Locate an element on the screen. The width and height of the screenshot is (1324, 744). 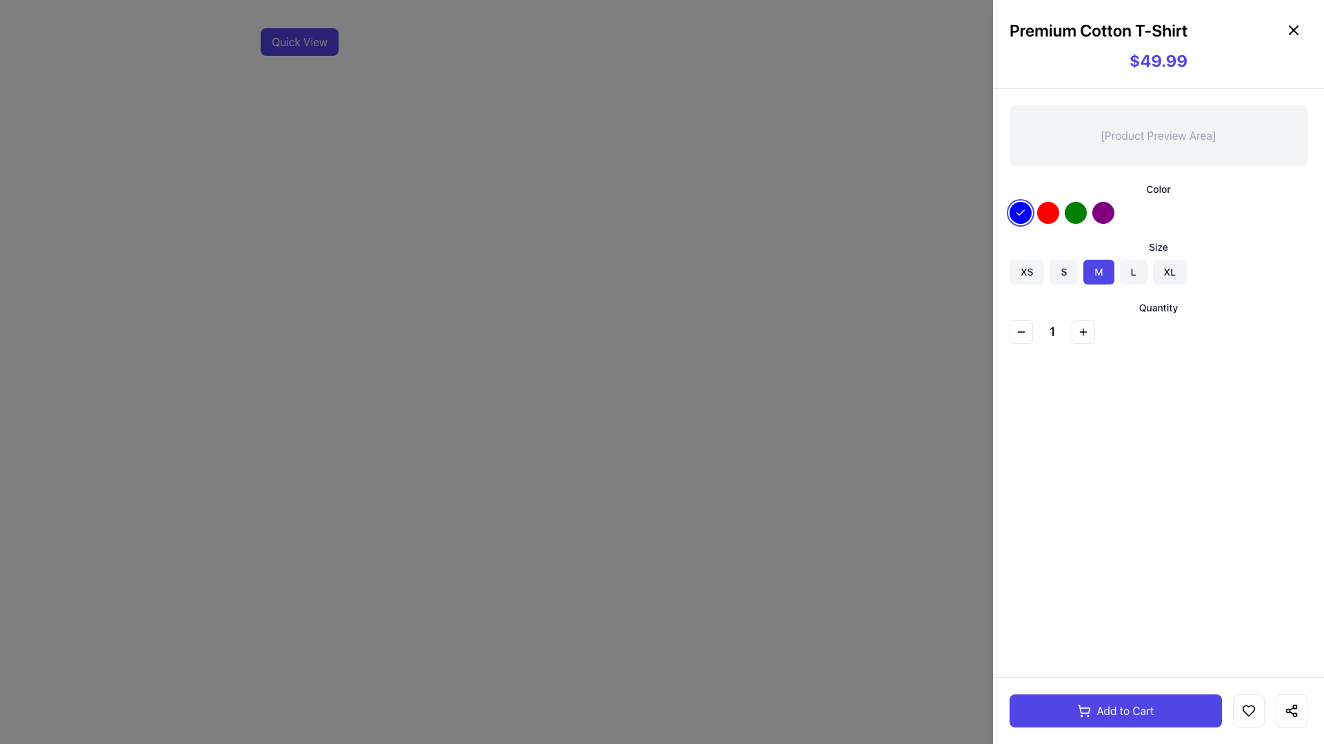
the circular button with a purple background, which is the sixth button in a row of circular buttons is located at coordinates (1102, 212).